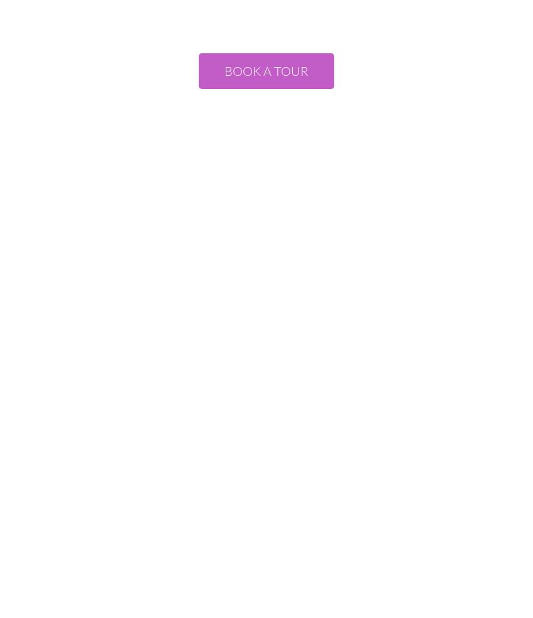 This screenshot has height=618, width=533. Describe the element at coordinates (266, 139) in the screenshot. I see `'We’ll send you the best deals for you and updates.'` at that location.